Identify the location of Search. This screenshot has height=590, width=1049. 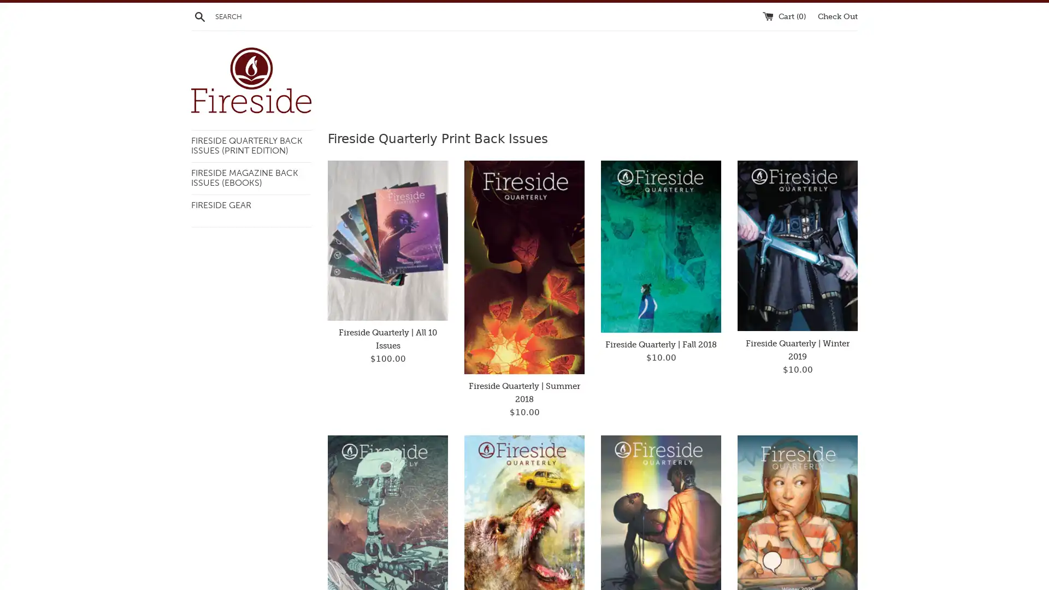
(199, 16).